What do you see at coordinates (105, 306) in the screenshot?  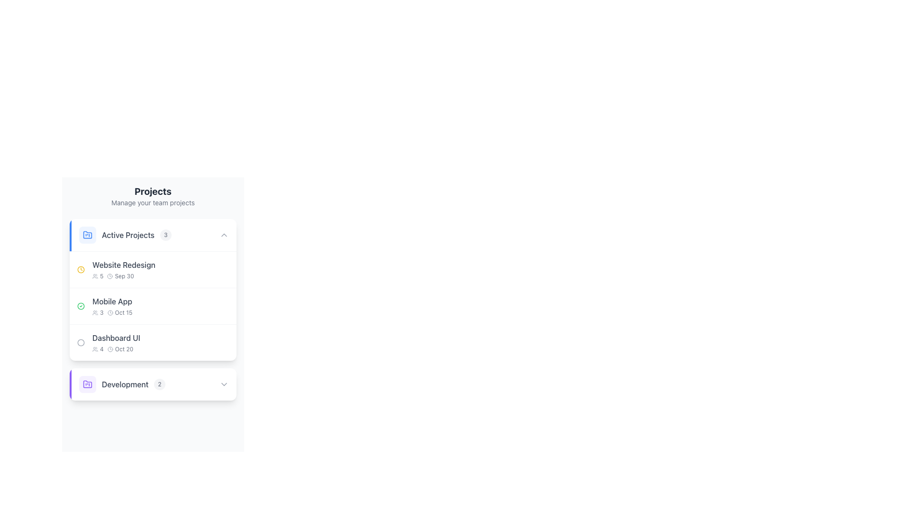 I see `the second project entry in the 'Active Projects' list, which is the 'Mobile App' project` at bounding box center [105, 306].